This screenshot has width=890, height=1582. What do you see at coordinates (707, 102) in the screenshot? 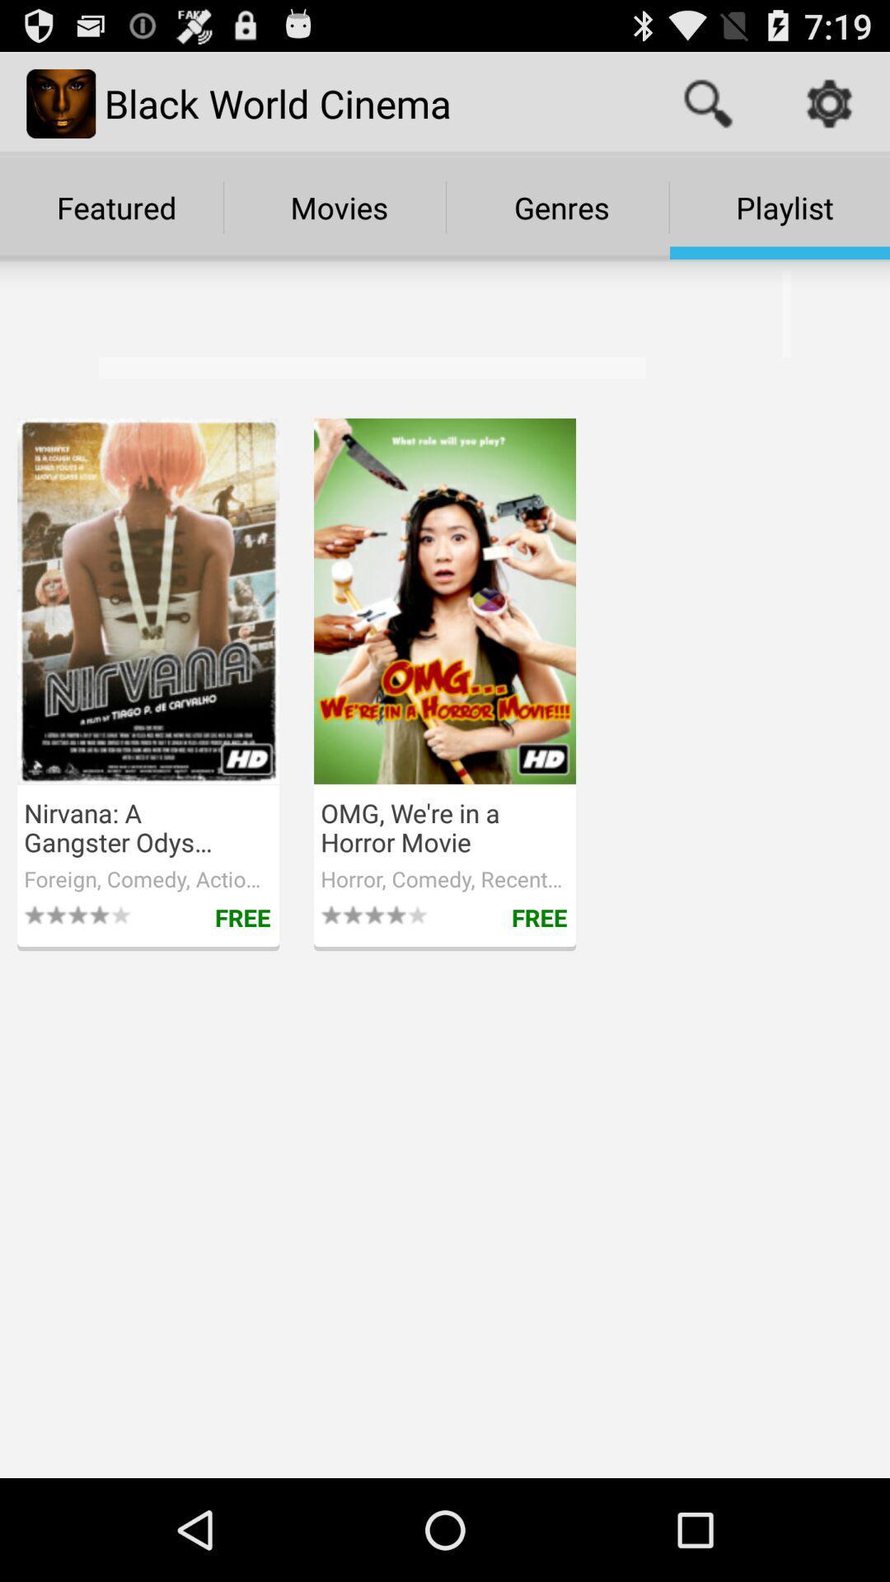
I see `the item to the right of black world cinema item` at bounding box center [707, 102].